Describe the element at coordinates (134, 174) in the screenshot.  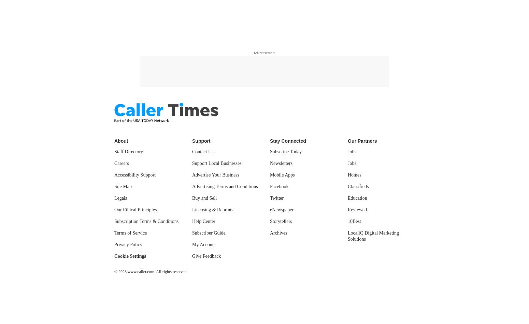
I see `'Accessibility Support'` at that location.